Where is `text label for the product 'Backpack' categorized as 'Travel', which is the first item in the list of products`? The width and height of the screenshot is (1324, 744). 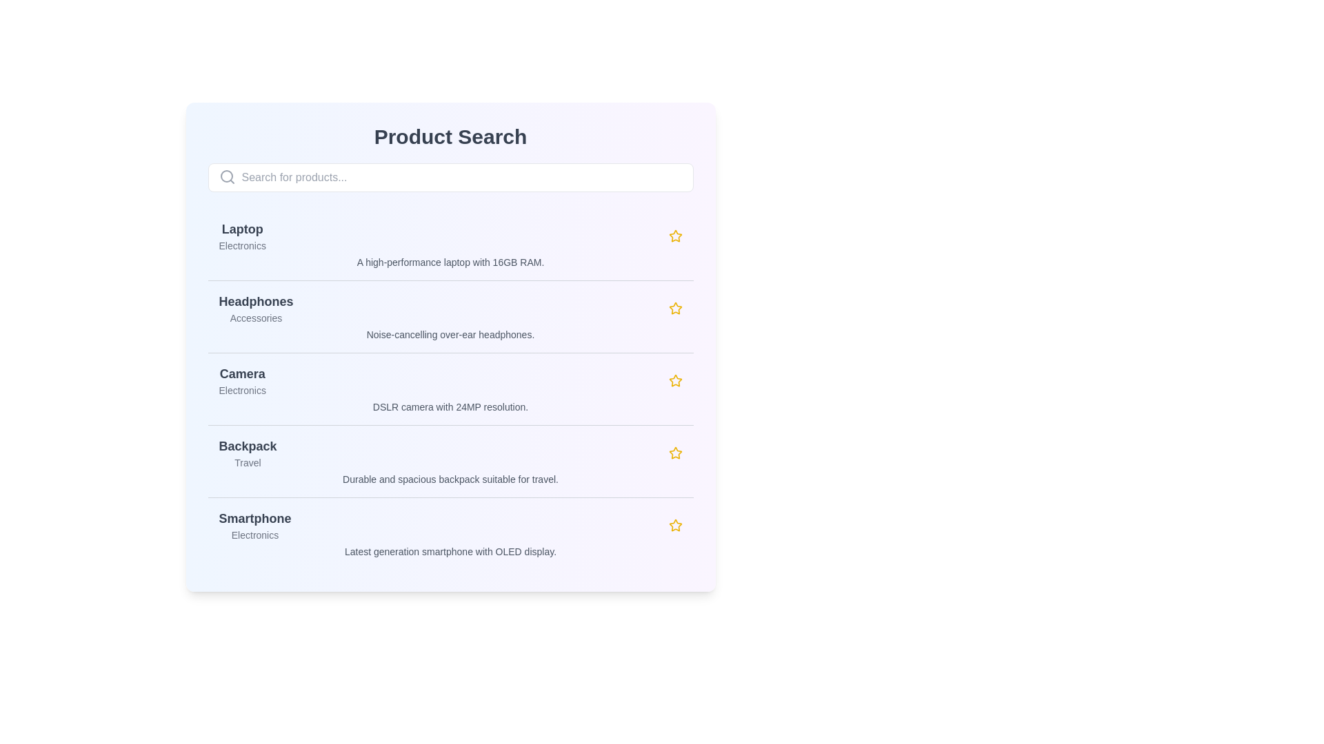
text label for the product 'Backpack' categorized as 'Travel', which is the first item in the list of products is located at coordinates (248, 453).